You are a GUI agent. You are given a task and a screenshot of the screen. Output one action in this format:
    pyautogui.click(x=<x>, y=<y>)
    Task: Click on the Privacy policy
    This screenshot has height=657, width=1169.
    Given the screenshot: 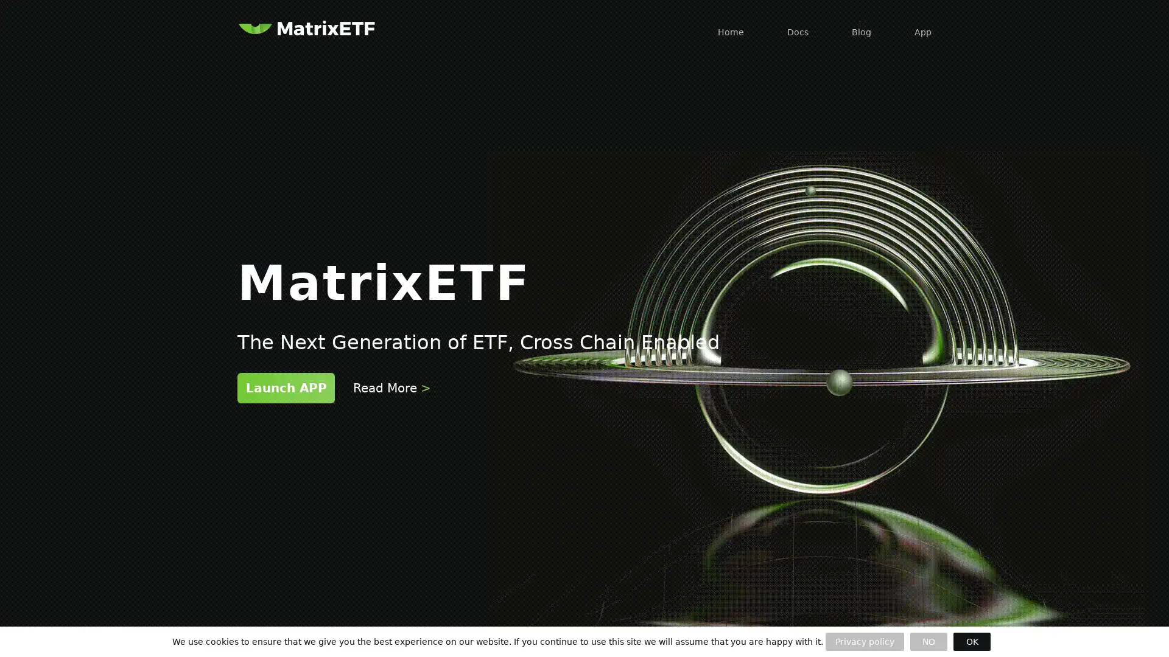 What is the action you would take?
    pyautogui.click(x=864, y=641)
    